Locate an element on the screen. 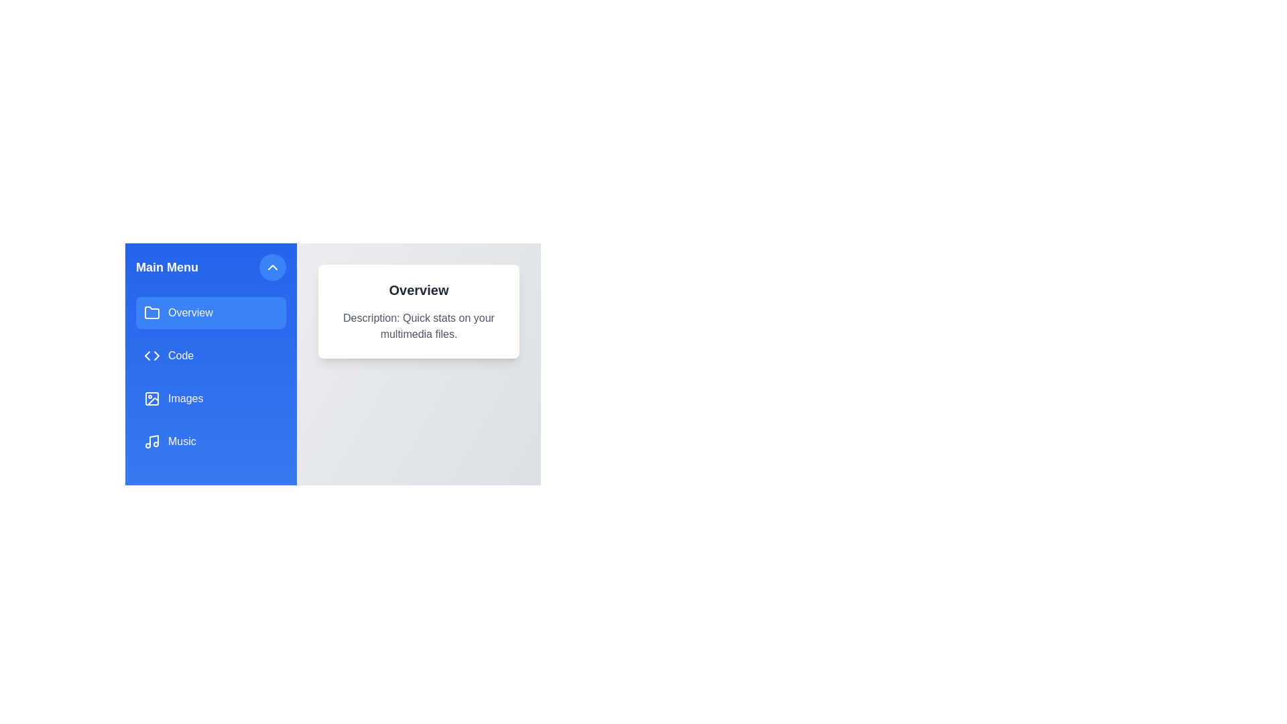 The image size is (1287, 724). the white rectangular box with rounded corners titled 'Overview' is located at coordinates (333, 355).